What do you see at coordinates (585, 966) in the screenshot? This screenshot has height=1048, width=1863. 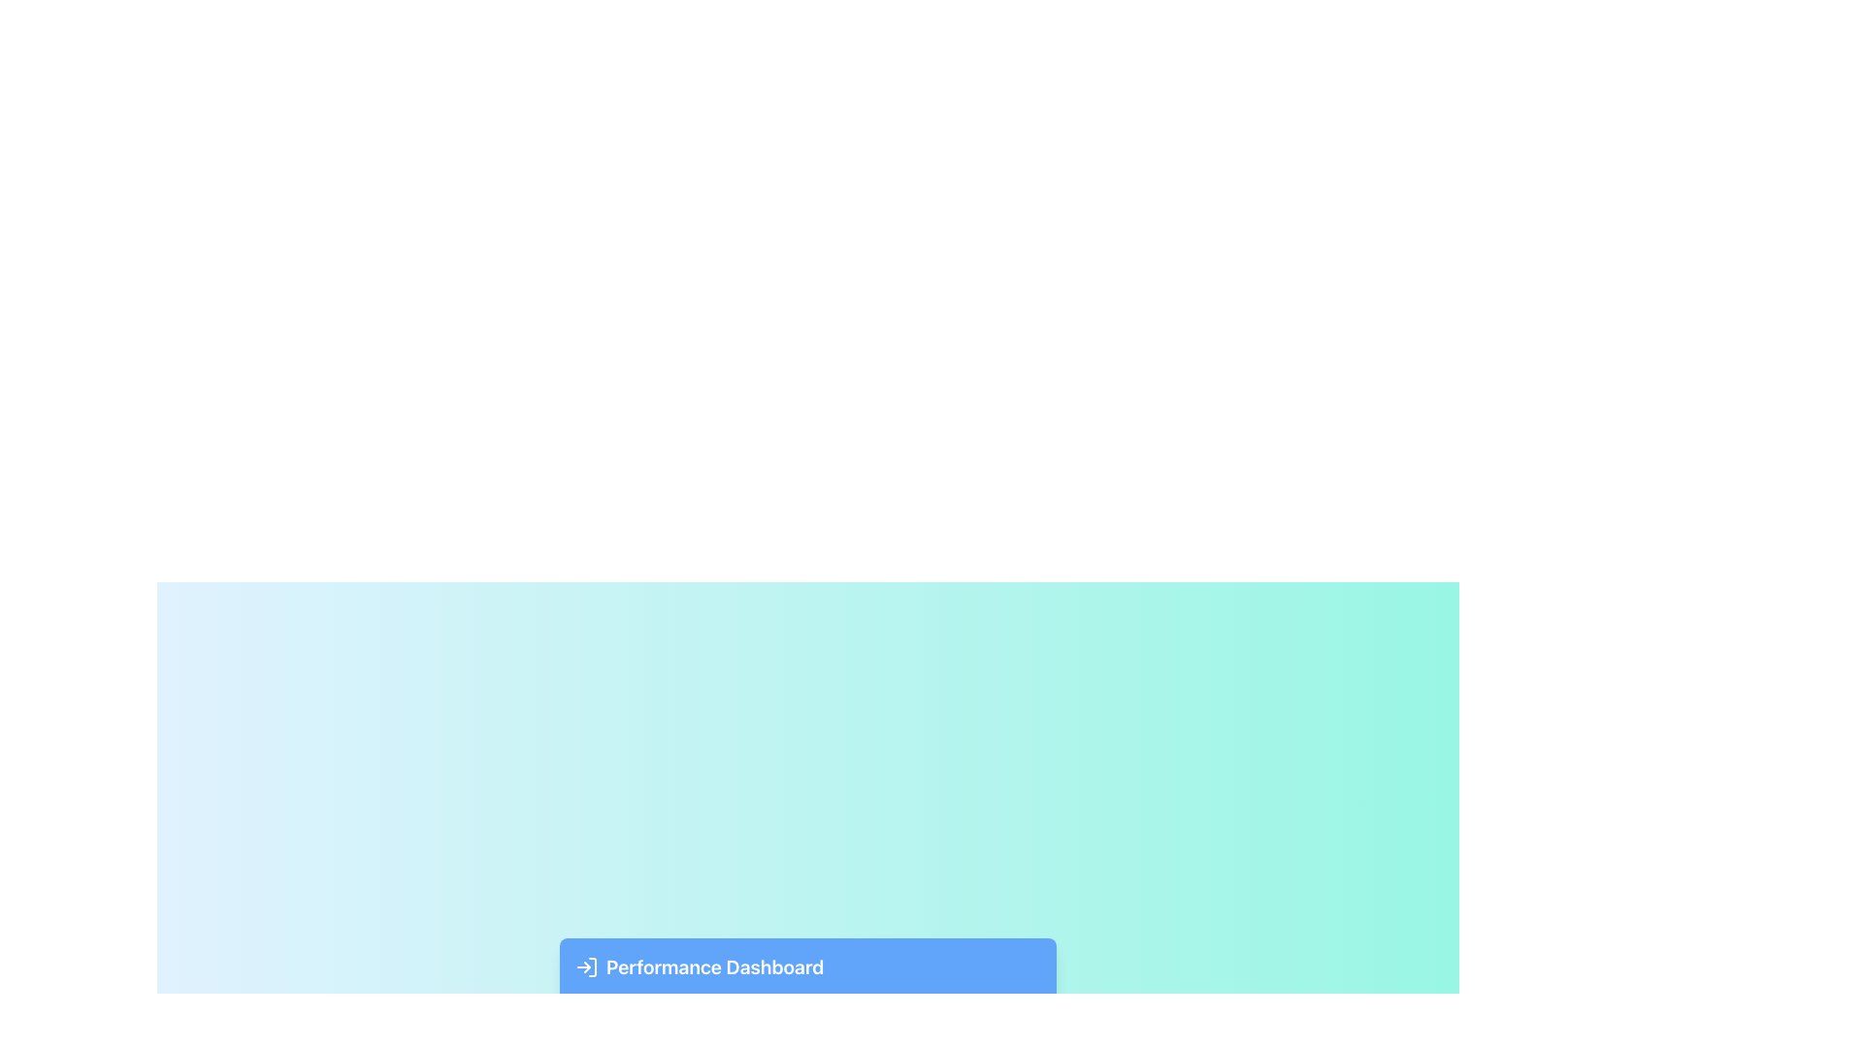 I see `the rightward arrow icon enclosed in a rounded rectangular SVG shape, which is white on a blue background, located next to the text 'Performance Dashboard' in the blue header segment` at bounding box center [585, 966].